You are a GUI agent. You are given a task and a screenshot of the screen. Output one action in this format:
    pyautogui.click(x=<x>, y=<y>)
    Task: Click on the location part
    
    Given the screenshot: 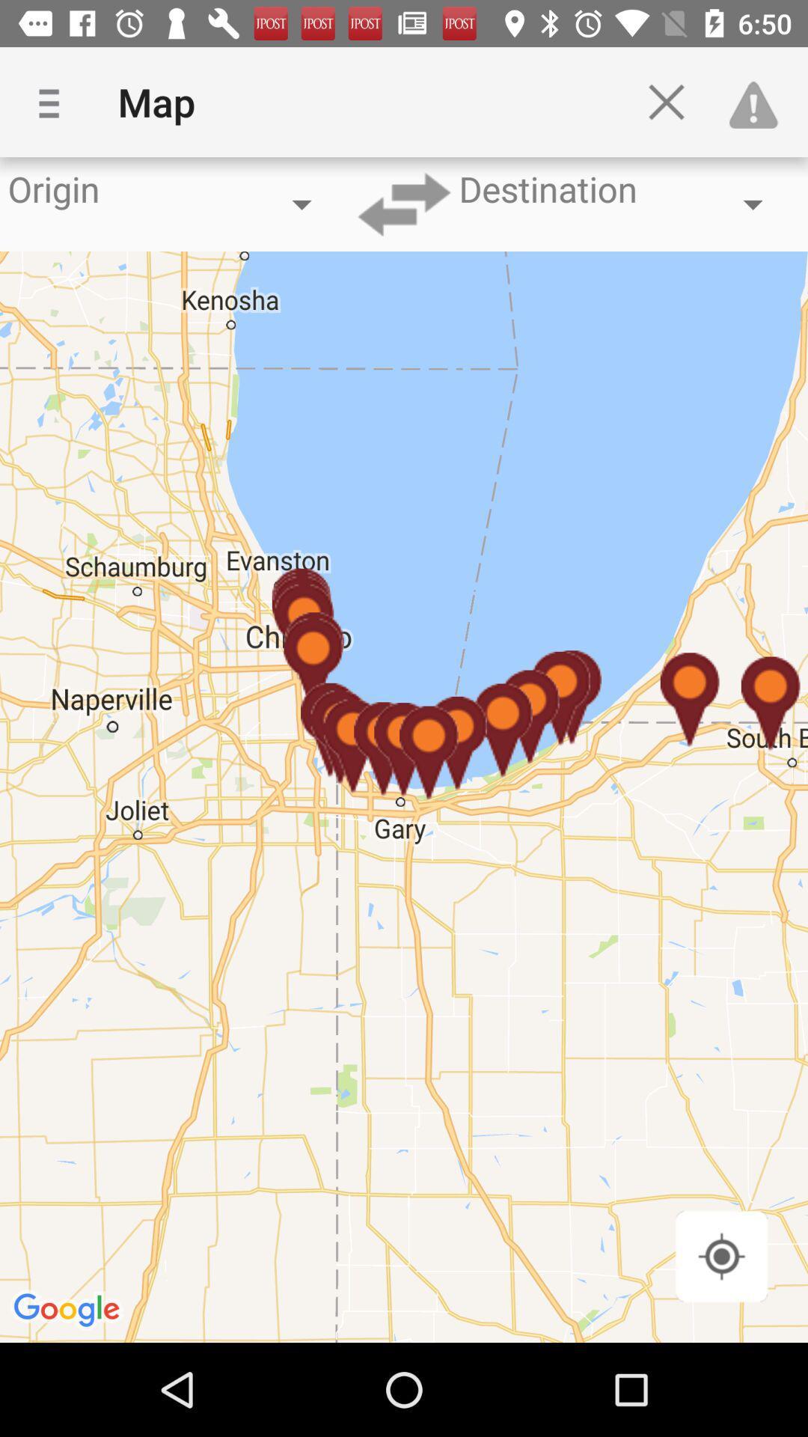 What is the action you would take?
    pyautogui.click(x=720, y=1256)
    